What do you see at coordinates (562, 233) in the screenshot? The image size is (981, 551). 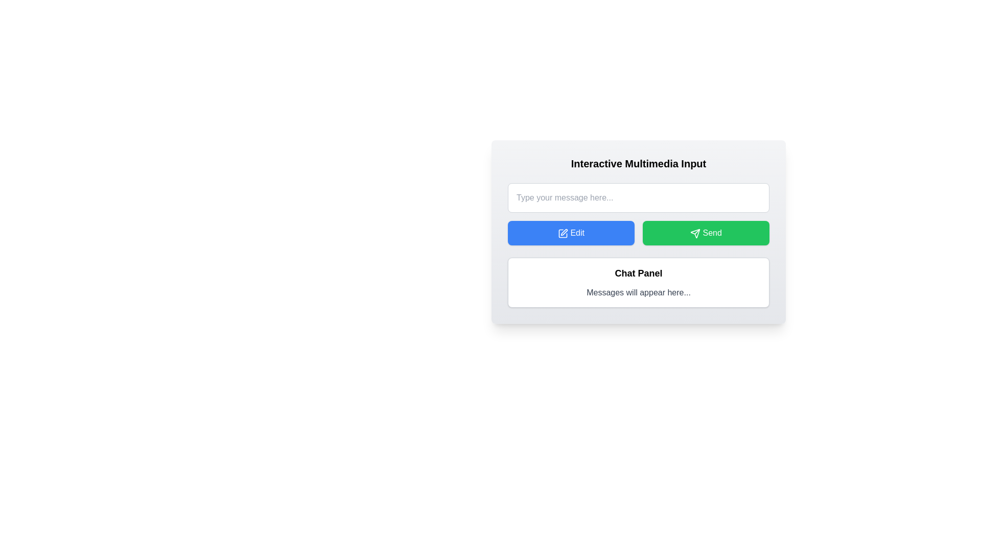 I see `the 'Edit' button icon, which is a pen inside a square with a blue background` at bounding box center [562, 233].